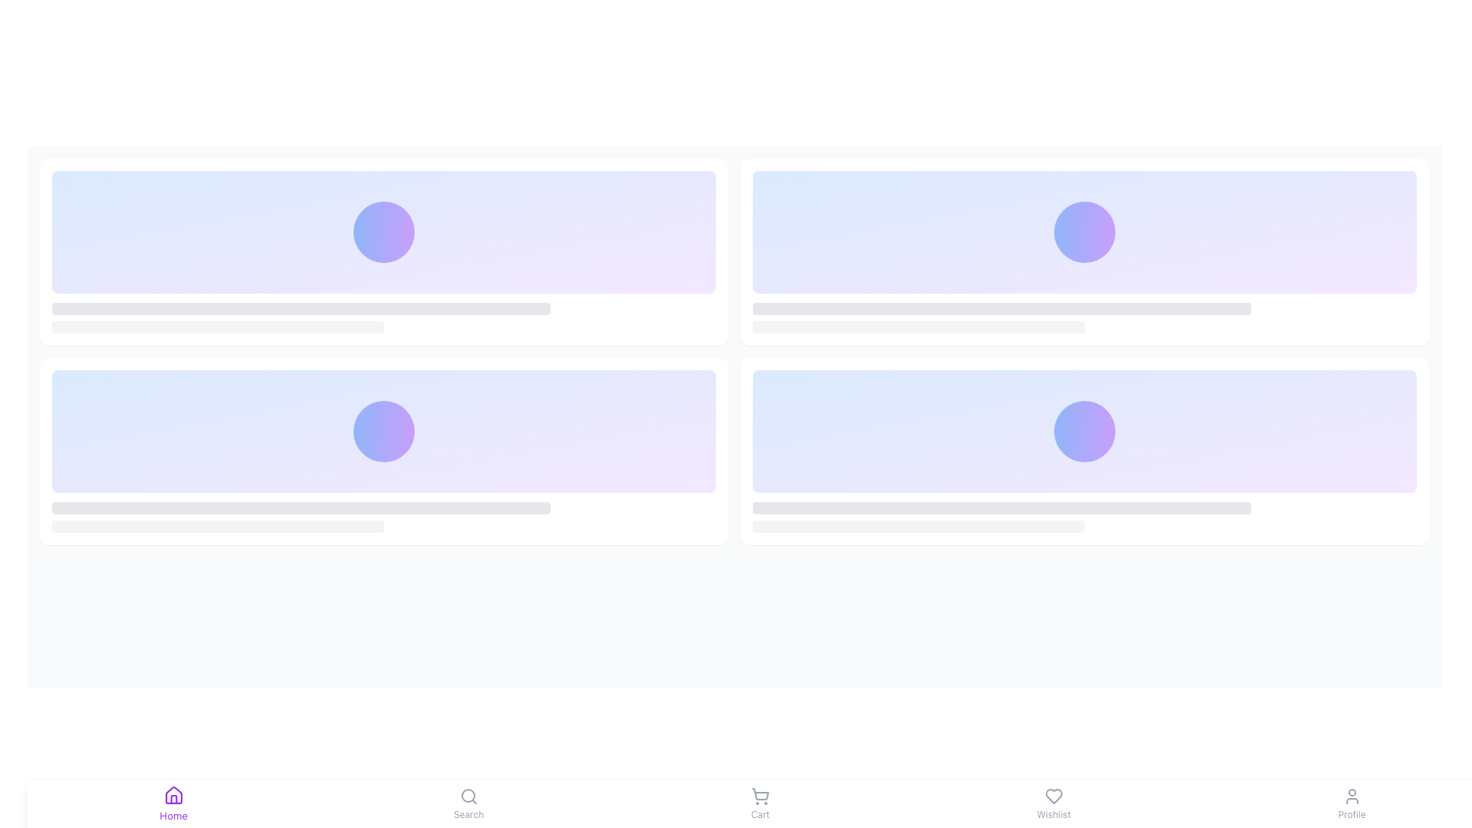 This screenshot has height=828, width=1472. What do you see at coordinates (383, 517) in the screenshot?
I see `the Placeholder text area located at the bottom of a card component with rounded corners, which has a gradient blue to purple circular icon above it` at bounding box center [383, 517].